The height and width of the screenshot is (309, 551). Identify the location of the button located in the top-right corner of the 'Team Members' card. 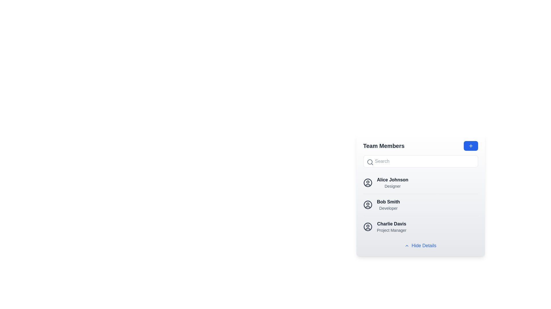
(471, 145).